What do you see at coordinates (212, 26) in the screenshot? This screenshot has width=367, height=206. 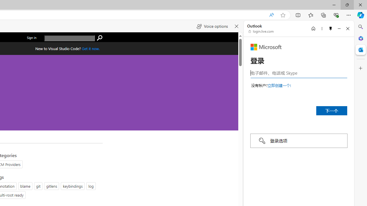 I see `'Voice options'` at bounding box center [212, 26].